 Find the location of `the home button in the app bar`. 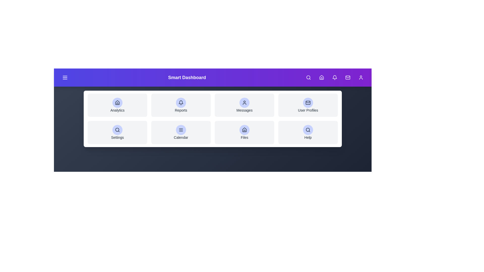

the home button in the app bar is located at coordinates (321, 78).